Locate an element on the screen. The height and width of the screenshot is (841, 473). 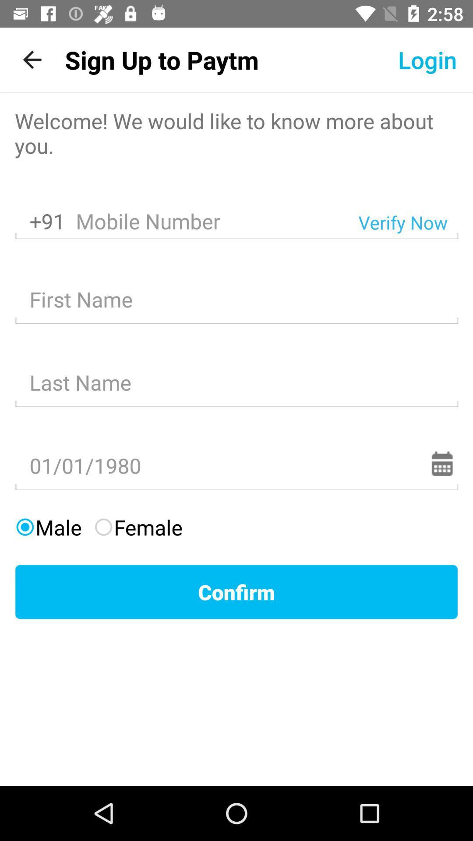
the item above confirm item is located at coordinates (138, 527).